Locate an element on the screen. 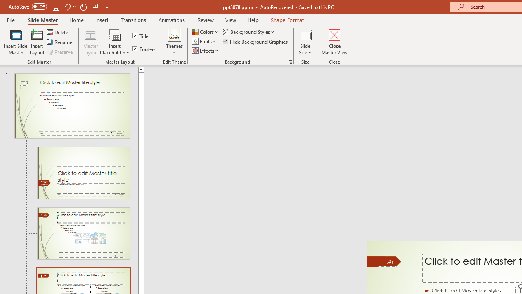 The height and width of the screenshot is (294, 522). 'Delete' is located at coordinates (58, 32).